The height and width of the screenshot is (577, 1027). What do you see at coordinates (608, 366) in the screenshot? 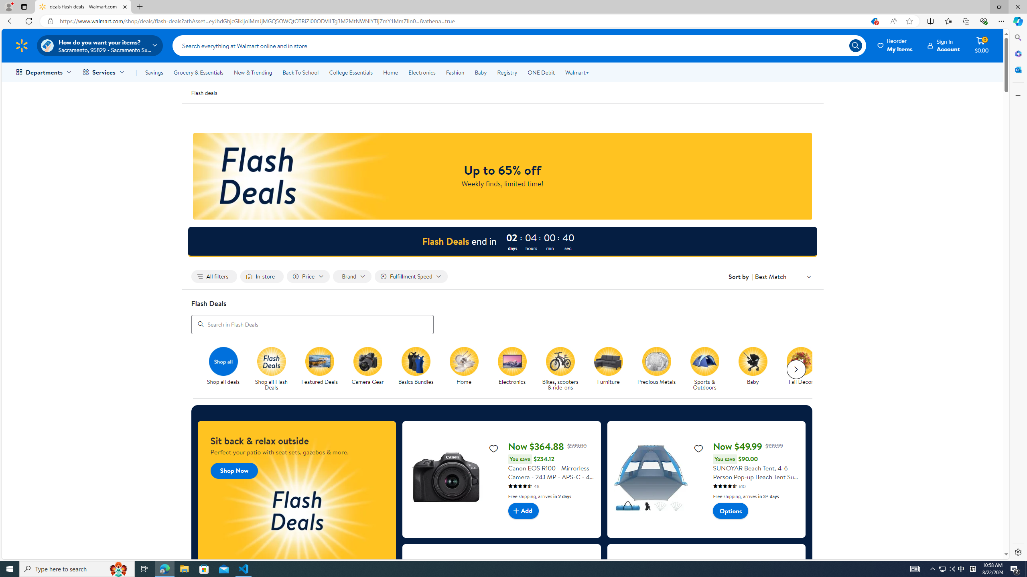
I see `'Furniture Furniture'` at bounding box center [608, 366].